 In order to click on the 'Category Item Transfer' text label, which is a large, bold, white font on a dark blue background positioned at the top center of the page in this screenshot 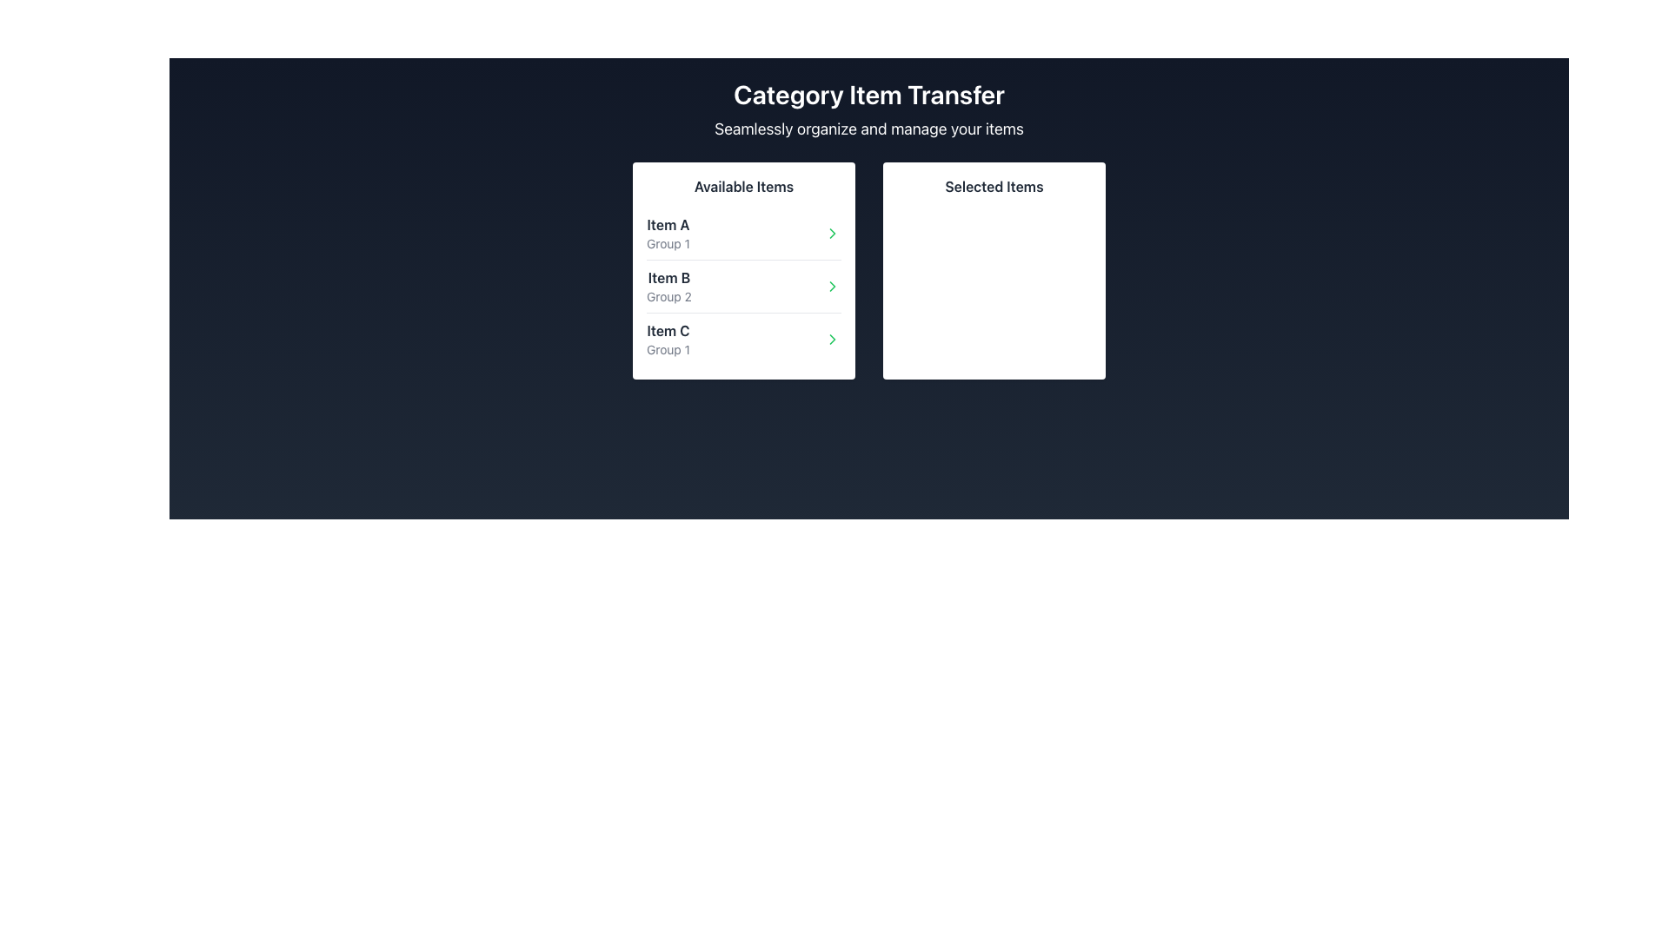, I will do `click(868, 94)`.